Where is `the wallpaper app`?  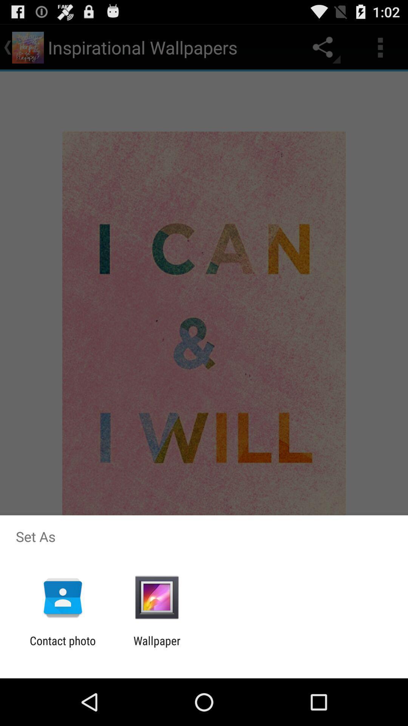
the wallpaper app is located at coordinates (156, 647).